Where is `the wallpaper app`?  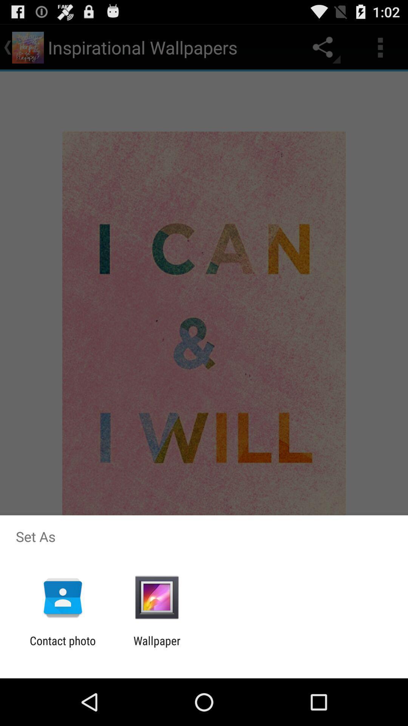
the wallpaper app is located at coordinates (156, 647).